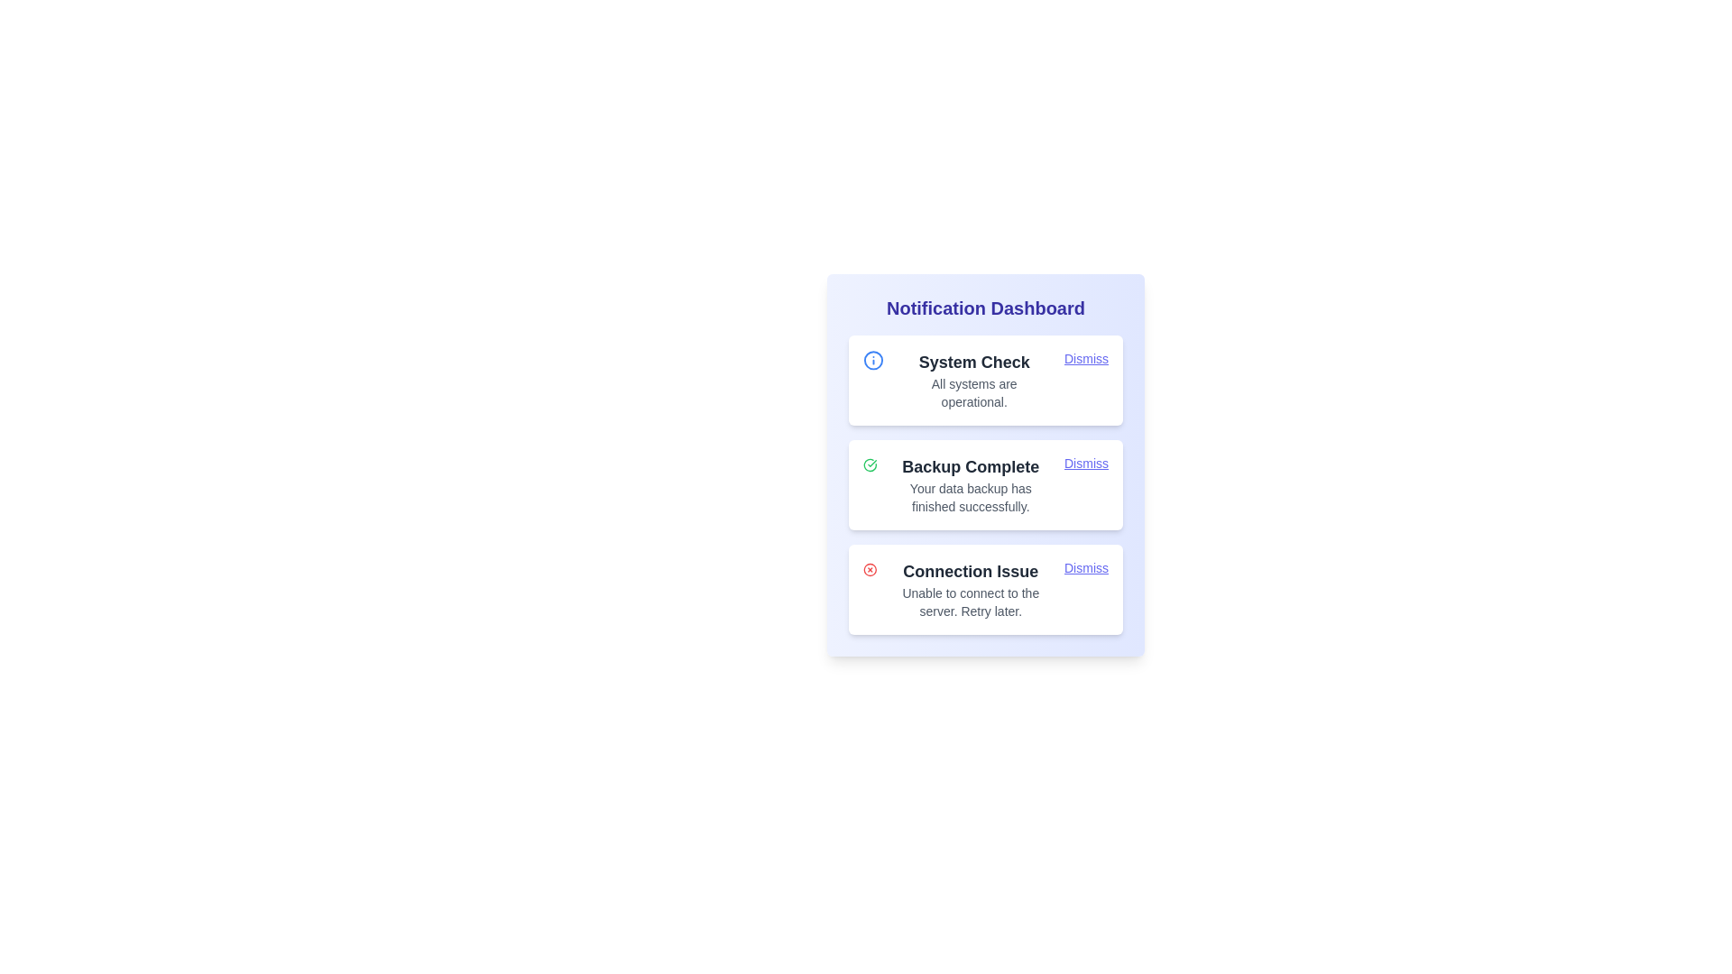  Describe the element at coordinates (1085, 358) in the screenshot. I see `the 'Dismiss' button associated with the 'System Check' notification in the top-right corner of the notification dashboard` at that location.